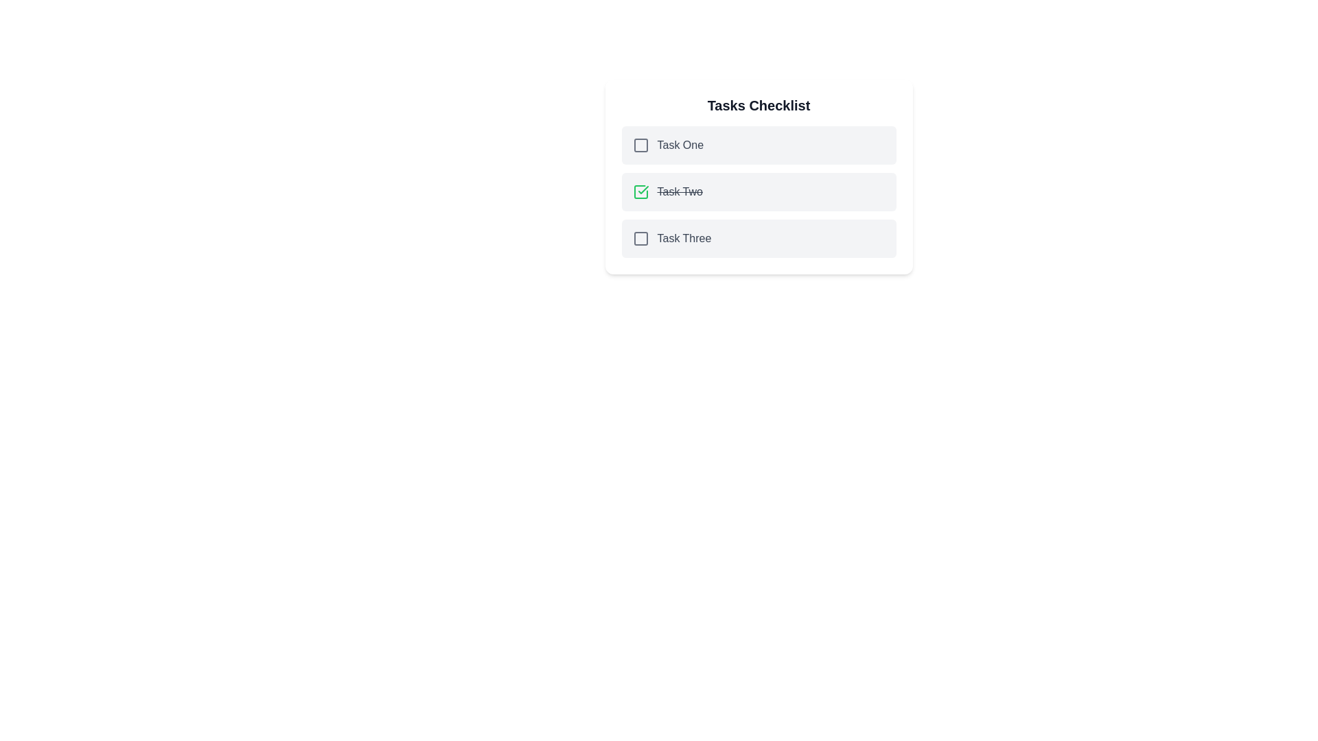  What do you see at coordinates (640, 145) in the screenshot?
I see `the red outlined checkbox associated with 'Task One'` at bounding box center [640, 145].